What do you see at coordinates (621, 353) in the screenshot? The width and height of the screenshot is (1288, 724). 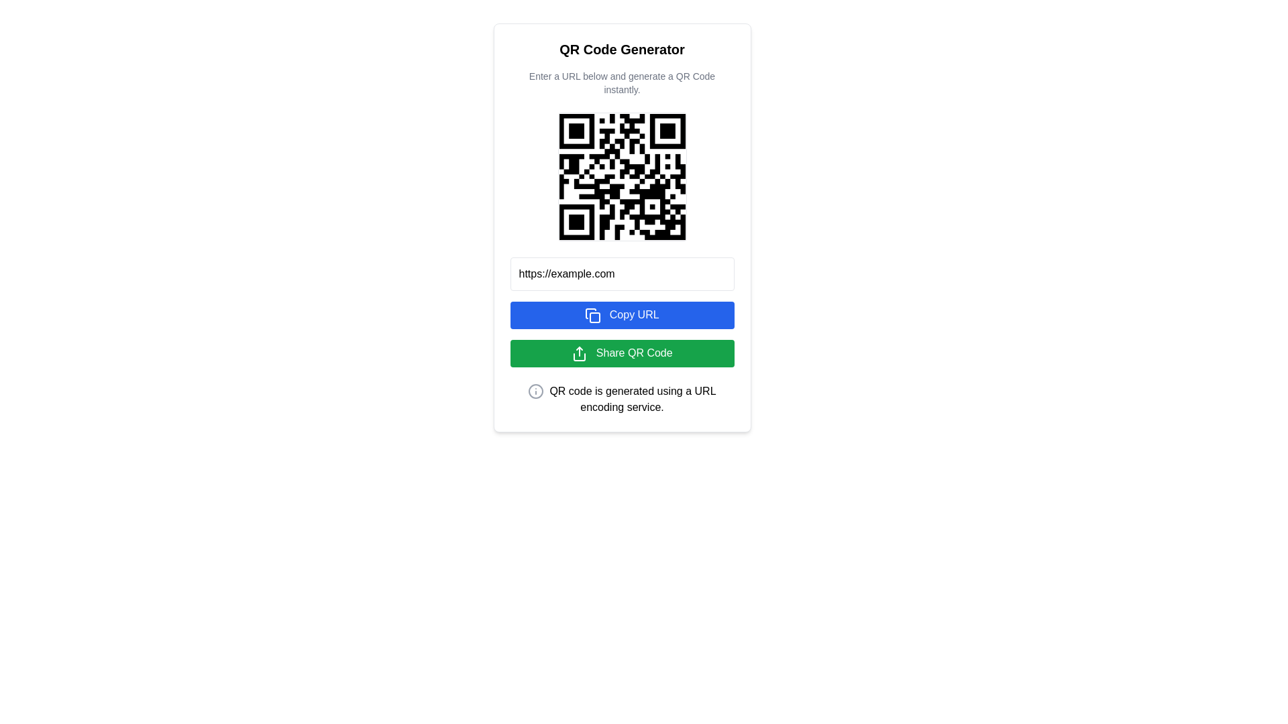 I see `the button that shares a QR code, located between the 'Copy URL' button and a text notice, to observe the hover effect` at bounding box center [621, 353].